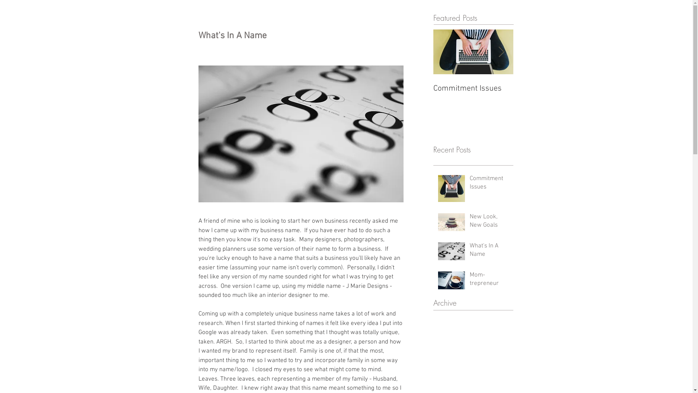 This screenshot has height=393, width=698. What do you see at coordinates (489, 184) in the screenshot?
I see `'Commitment Issues'` at bounding box center [489, 184].